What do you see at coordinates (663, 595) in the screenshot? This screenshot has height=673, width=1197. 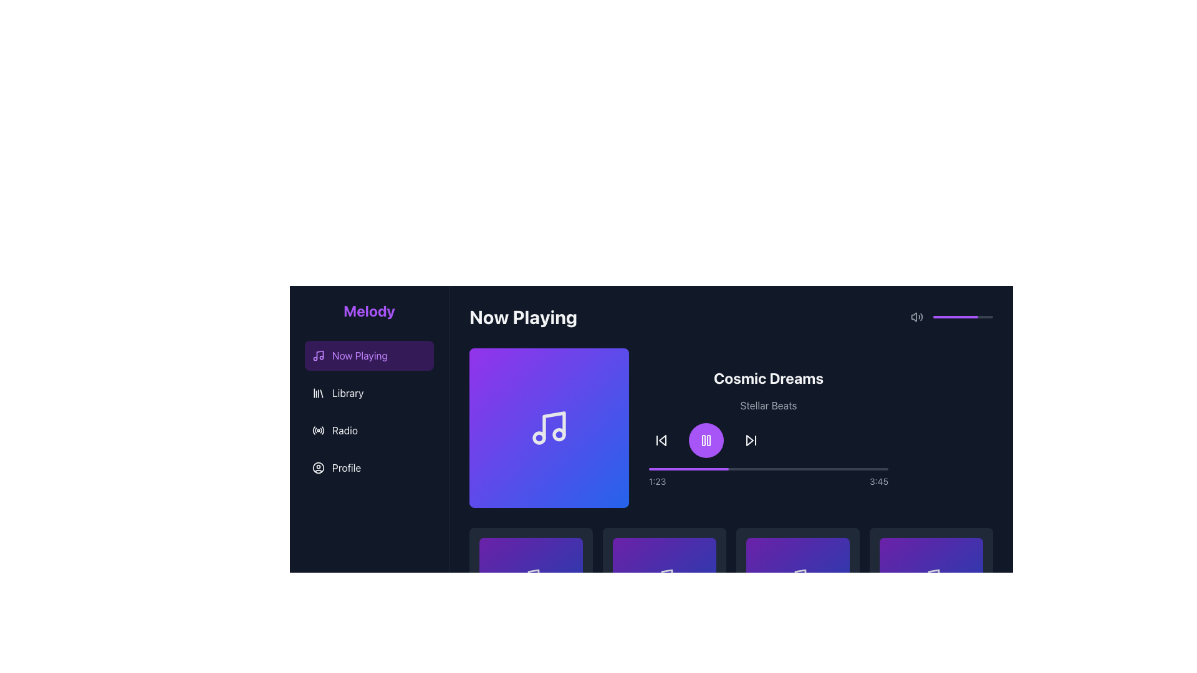 I see `the square card with a gradient background containing a musical note icon and text caption 'Track 2' and 'Artist 2'` at bounding box center [663, 595].